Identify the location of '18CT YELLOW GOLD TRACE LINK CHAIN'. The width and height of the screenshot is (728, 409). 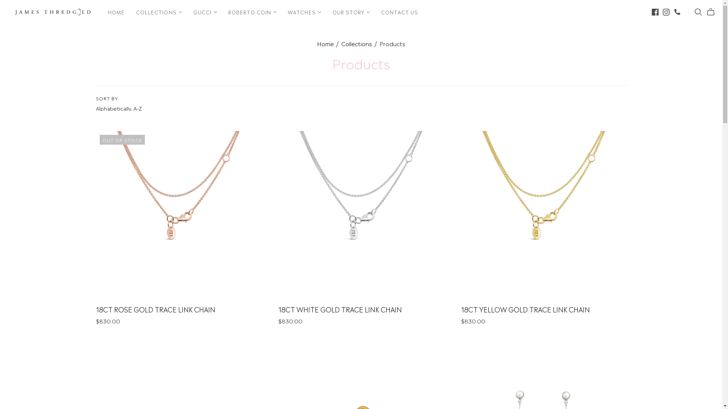
(525, 309).